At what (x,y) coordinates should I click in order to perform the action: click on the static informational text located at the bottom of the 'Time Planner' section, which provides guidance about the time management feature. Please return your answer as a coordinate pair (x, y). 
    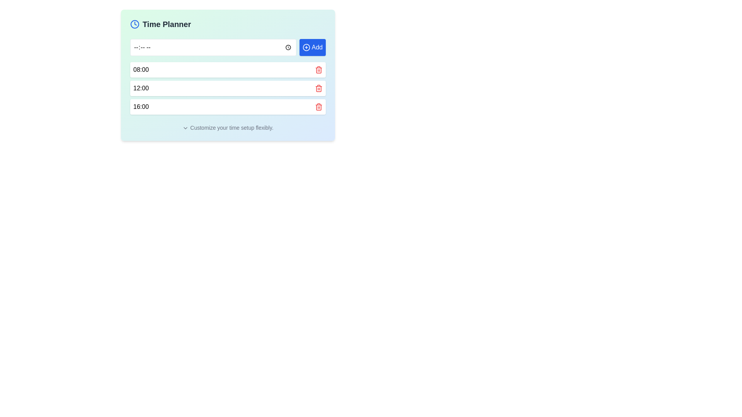
    Looking at the image, I should click on (228, 127).